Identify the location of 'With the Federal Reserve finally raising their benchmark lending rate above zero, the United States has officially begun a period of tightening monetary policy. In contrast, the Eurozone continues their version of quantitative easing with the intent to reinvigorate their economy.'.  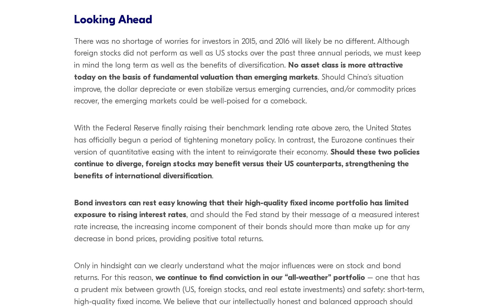
(244, 139).